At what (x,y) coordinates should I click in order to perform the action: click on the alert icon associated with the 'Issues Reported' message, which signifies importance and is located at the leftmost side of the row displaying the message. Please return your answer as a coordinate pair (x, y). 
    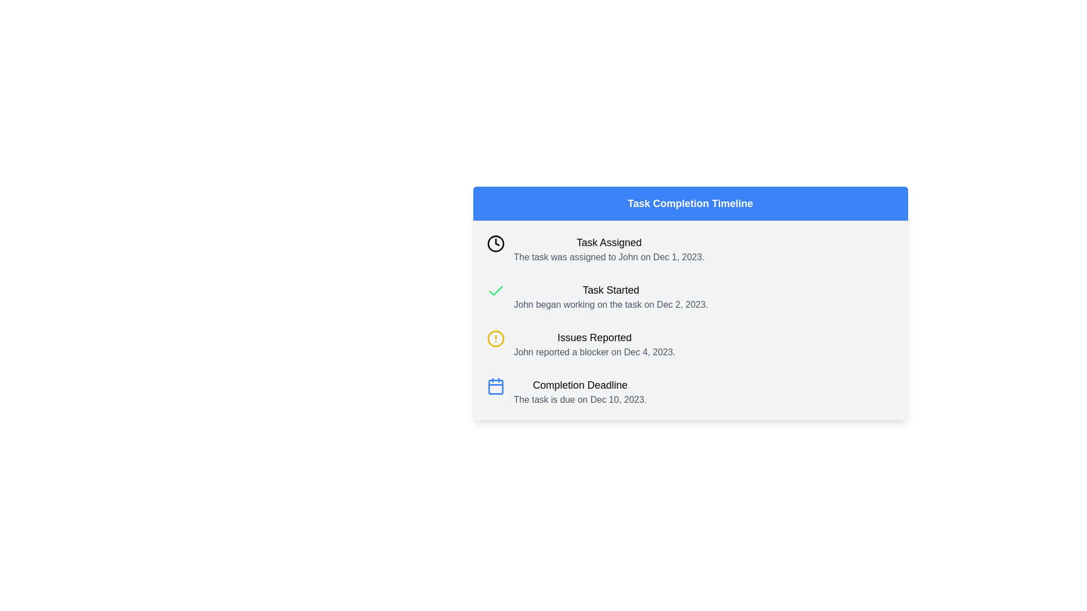
    Looking at the image, I should click on (495, 338).